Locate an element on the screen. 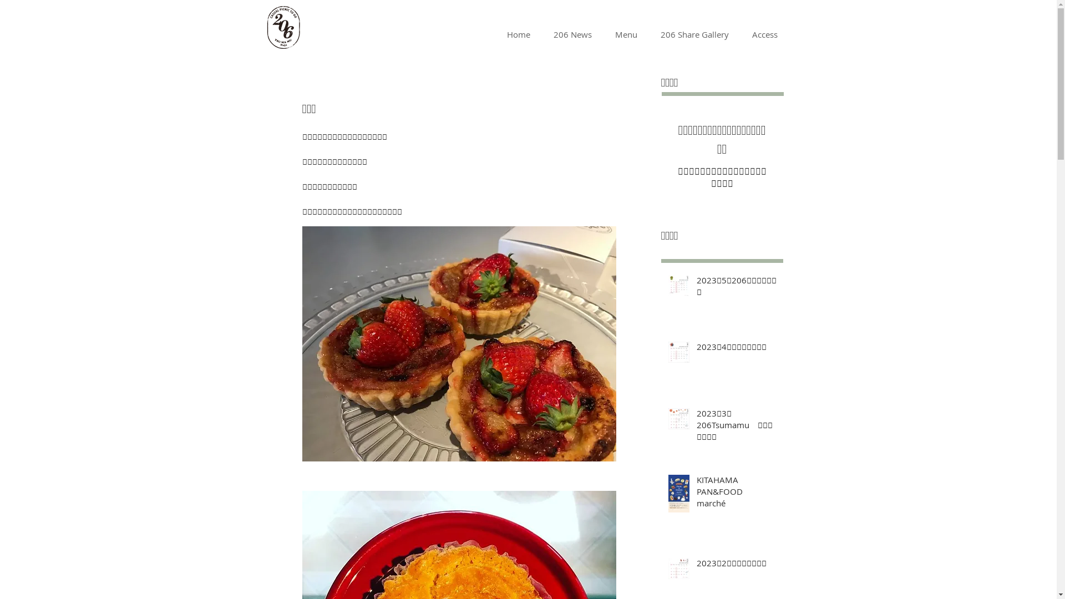  'Home' is located at coordinates (494, 33).